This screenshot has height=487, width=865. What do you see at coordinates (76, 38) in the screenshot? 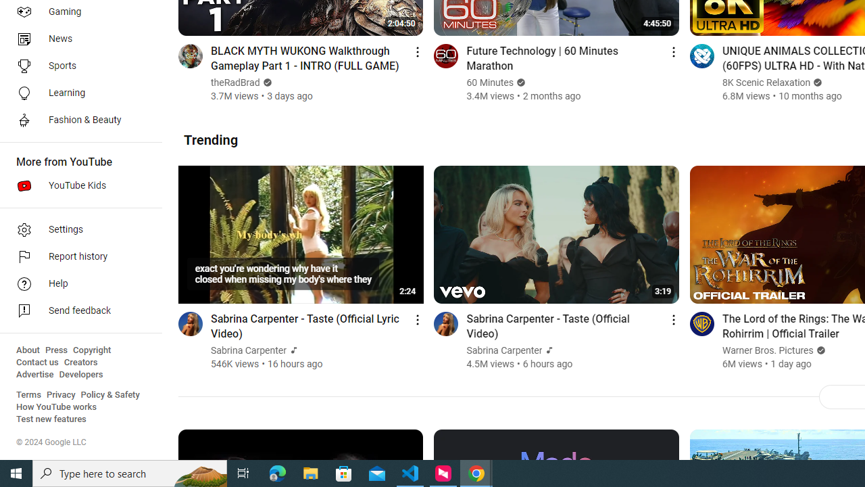
I see `'News'` at bounding box center [76, 38].